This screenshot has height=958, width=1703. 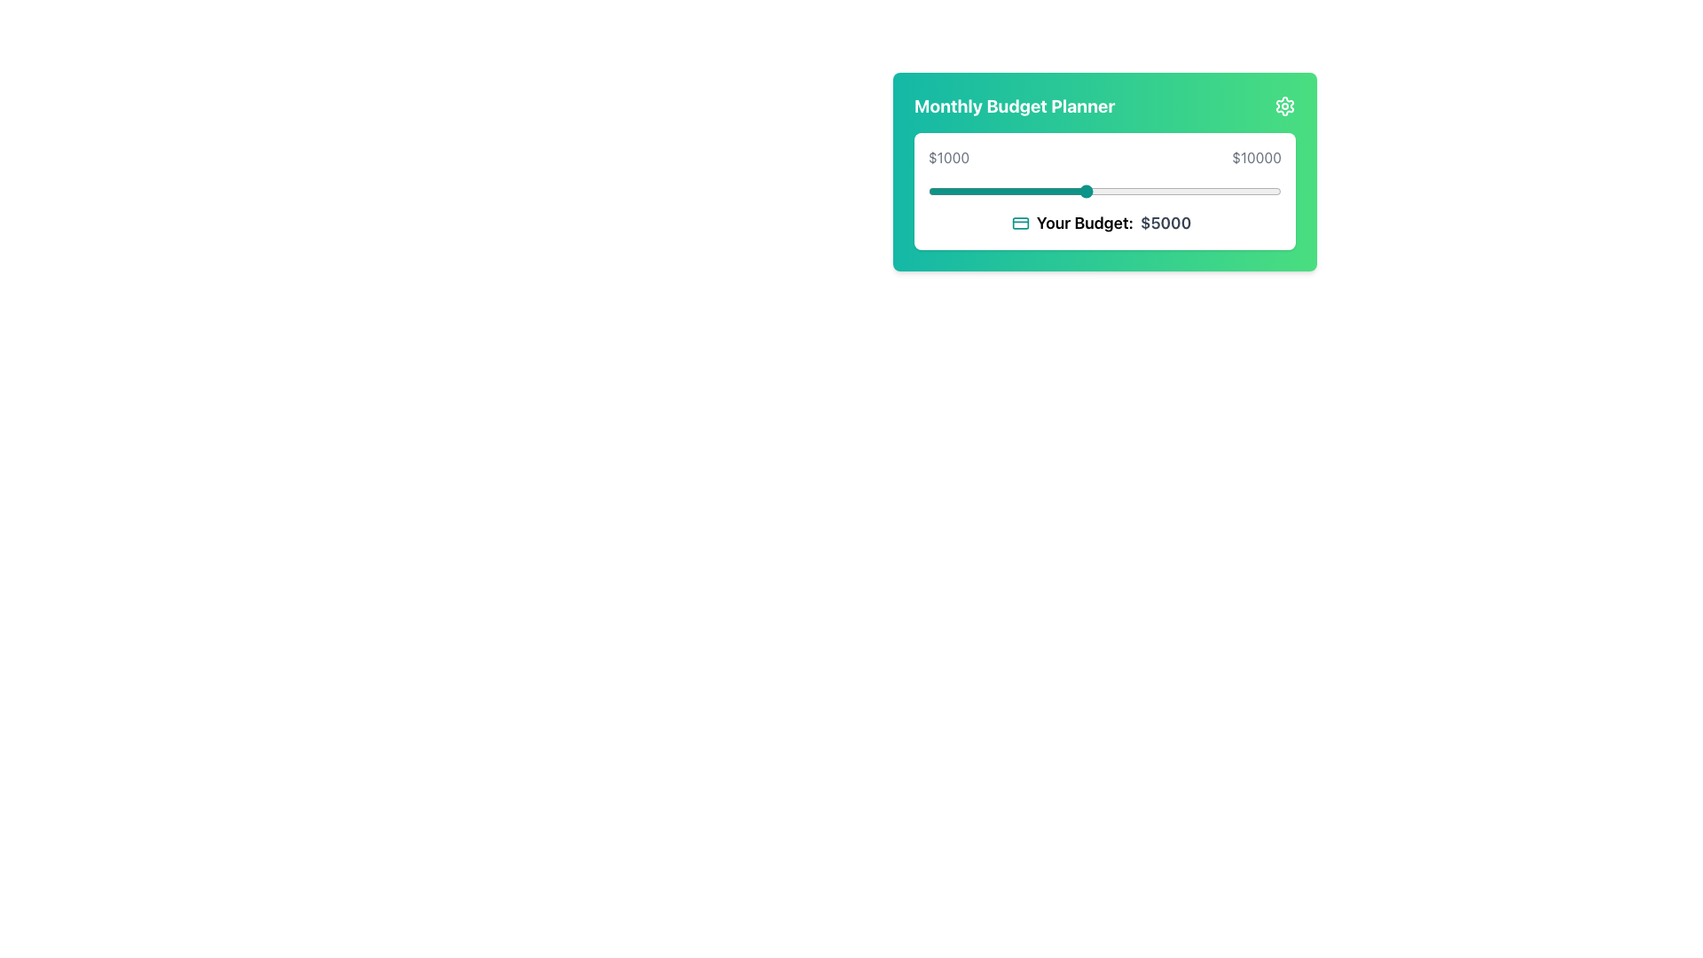 I want to click on the budget, so click(x=977, y=192).